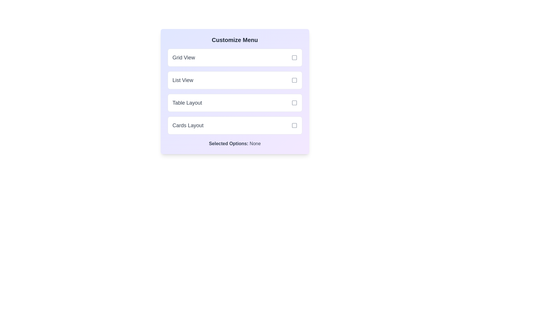  Describe the element at coordinates (294, 80) in the screenshot. I see `the square-shaped icon styled with a thin border and light gray color, located in the 'List View' row, which is the second option in the 'Customize Menu'` at that location.